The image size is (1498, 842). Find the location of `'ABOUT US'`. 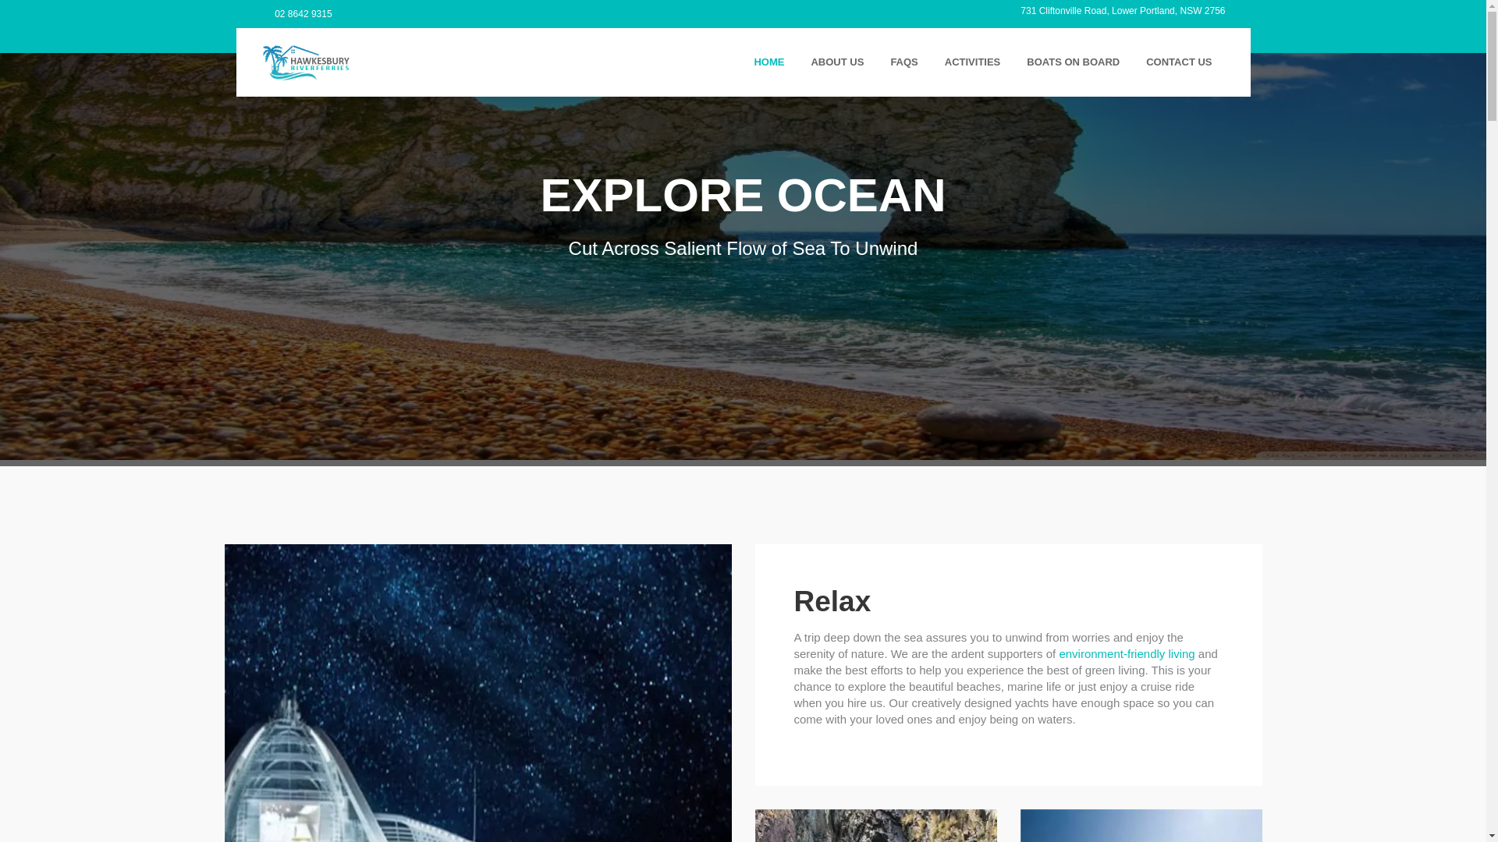

'ABOUT US' is located at coordinates (836, 62).